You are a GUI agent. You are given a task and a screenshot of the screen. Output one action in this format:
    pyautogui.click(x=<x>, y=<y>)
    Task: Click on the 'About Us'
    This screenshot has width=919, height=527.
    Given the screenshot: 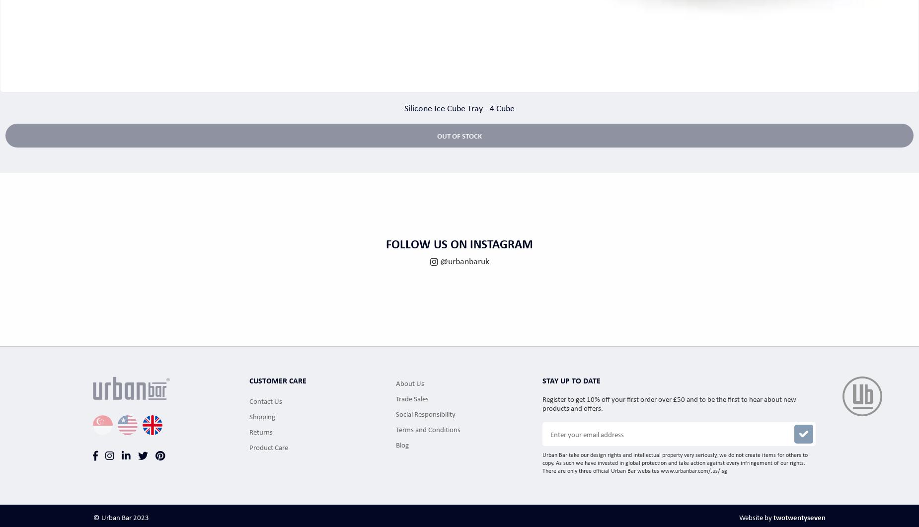 What is the action you would take?
    pyautogui.click(x=410, y=382)
    